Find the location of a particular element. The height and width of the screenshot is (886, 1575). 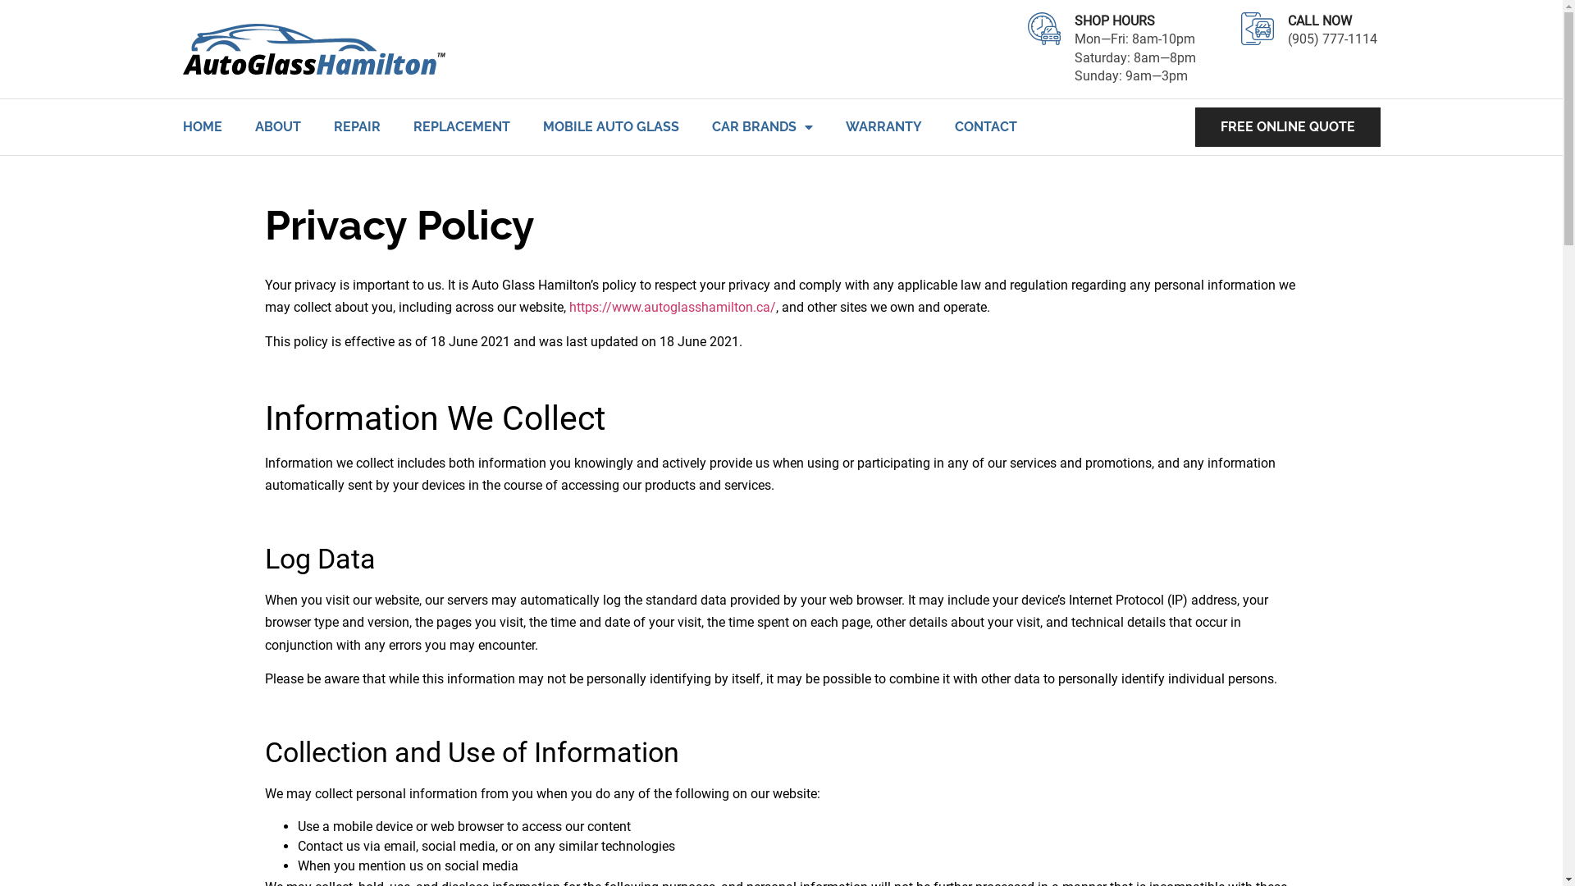

'HOME' is located at coordinates (200, 126).